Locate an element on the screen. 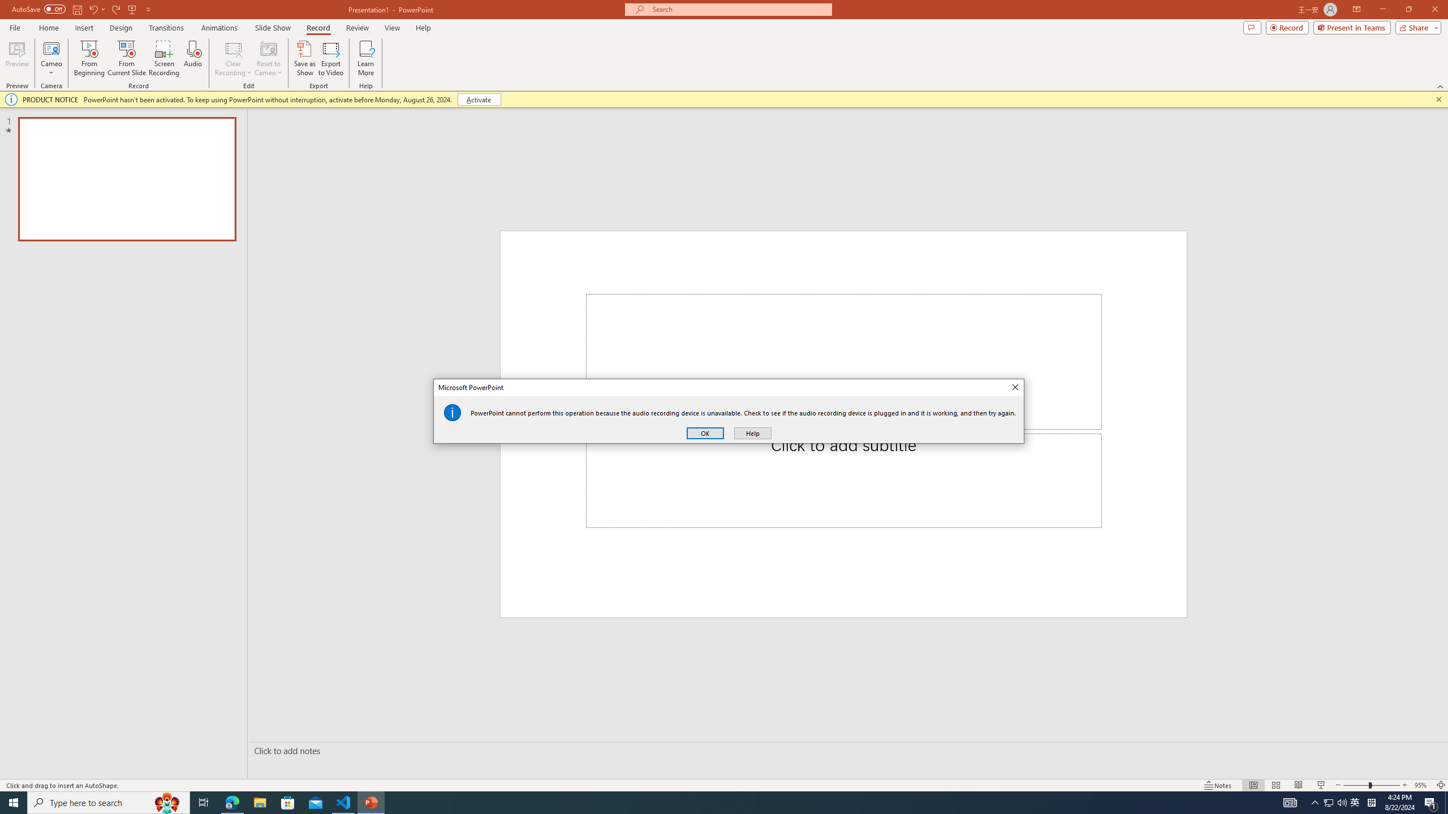  'Zoom 95%' is located at coordinates (1423, 785).